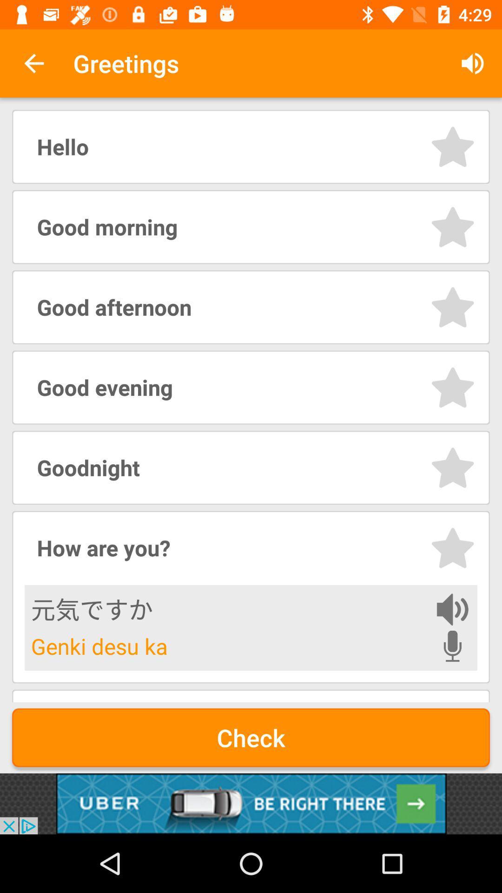 The width and height of the screenshot is (502, 893). I want to click on mark for like, so click(452, 548).